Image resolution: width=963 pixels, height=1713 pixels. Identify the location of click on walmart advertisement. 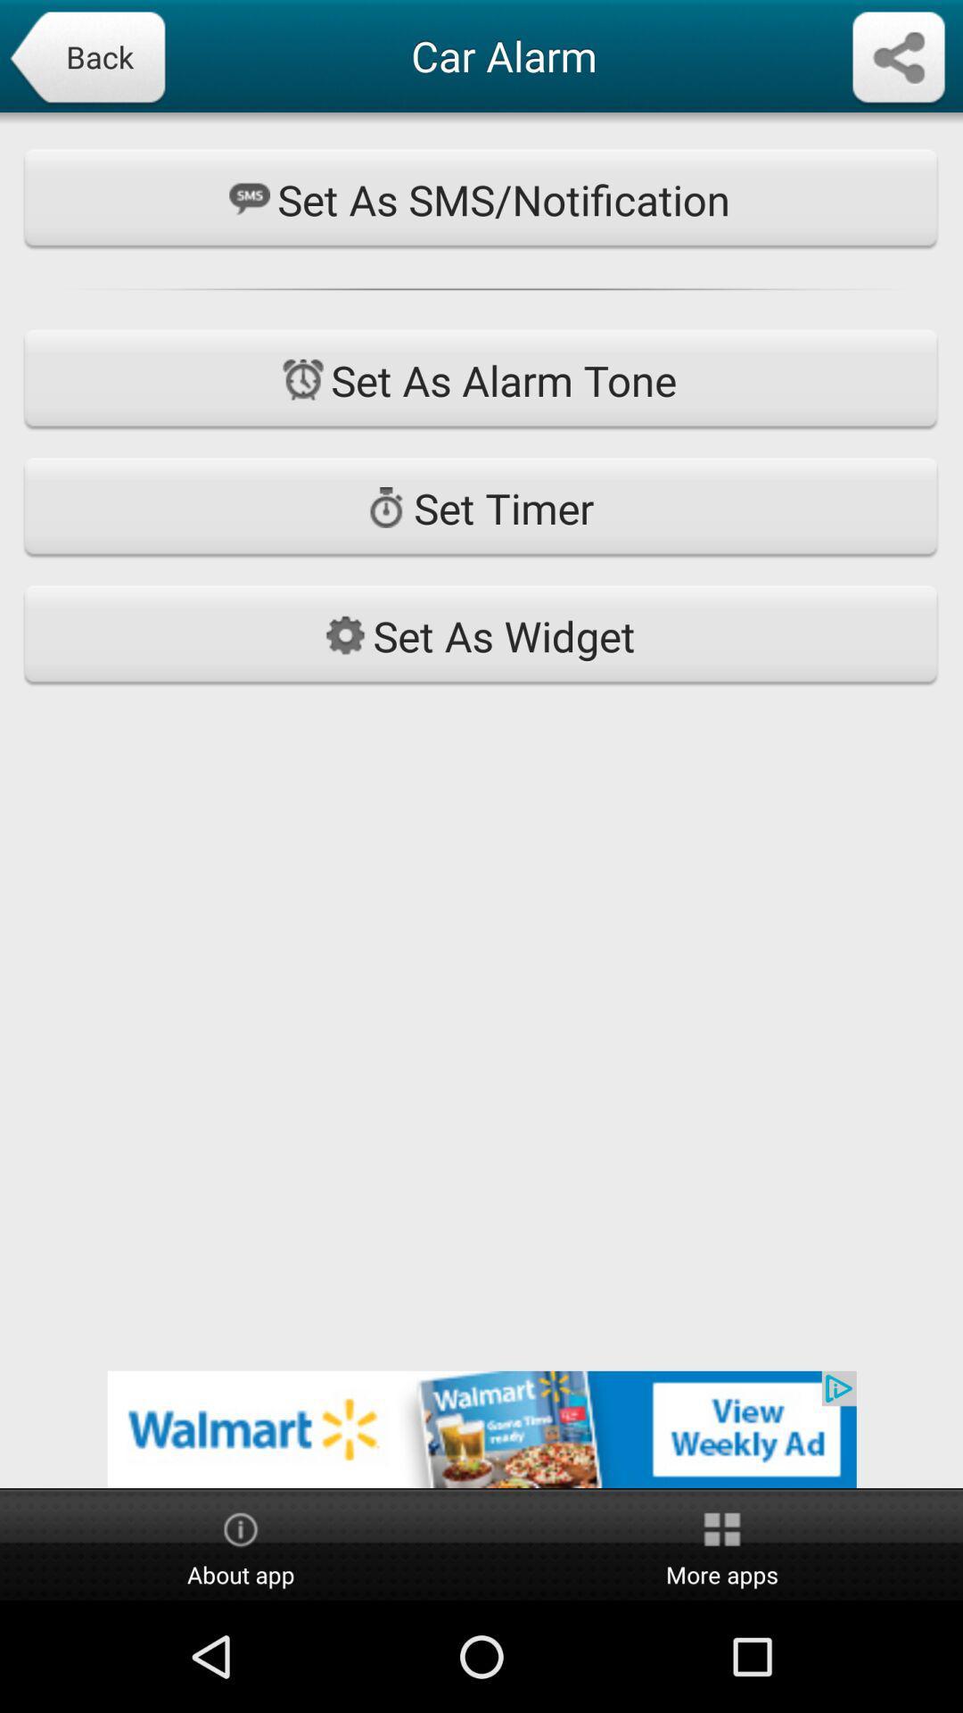
(481, 1429).